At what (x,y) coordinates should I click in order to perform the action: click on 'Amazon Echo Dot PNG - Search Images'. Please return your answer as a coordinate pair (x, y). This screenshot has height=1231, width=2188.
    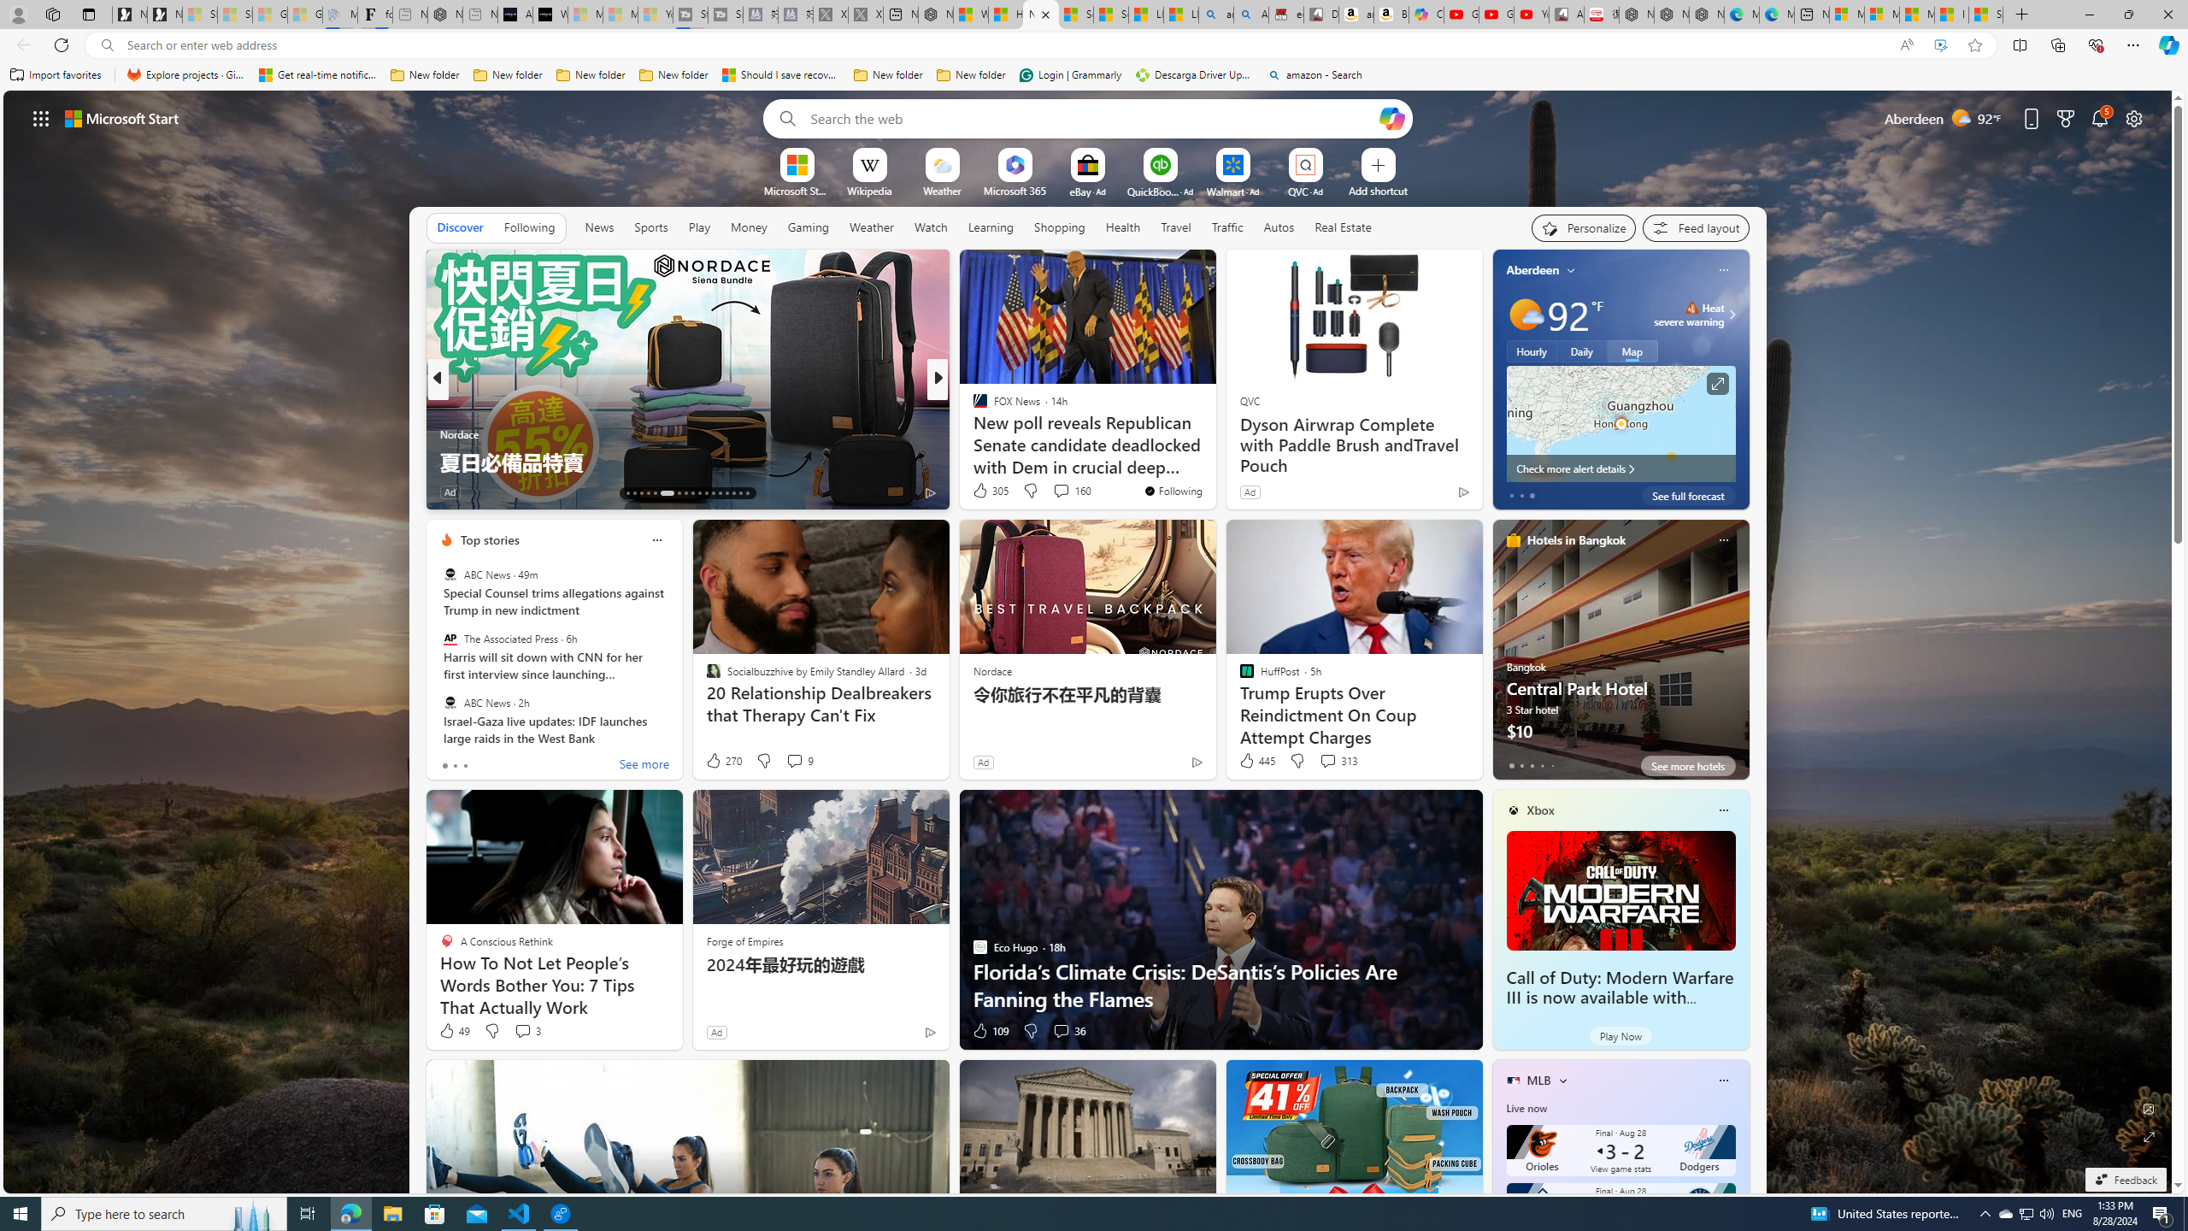
    Looking at the image, I should click on (1250, 14).